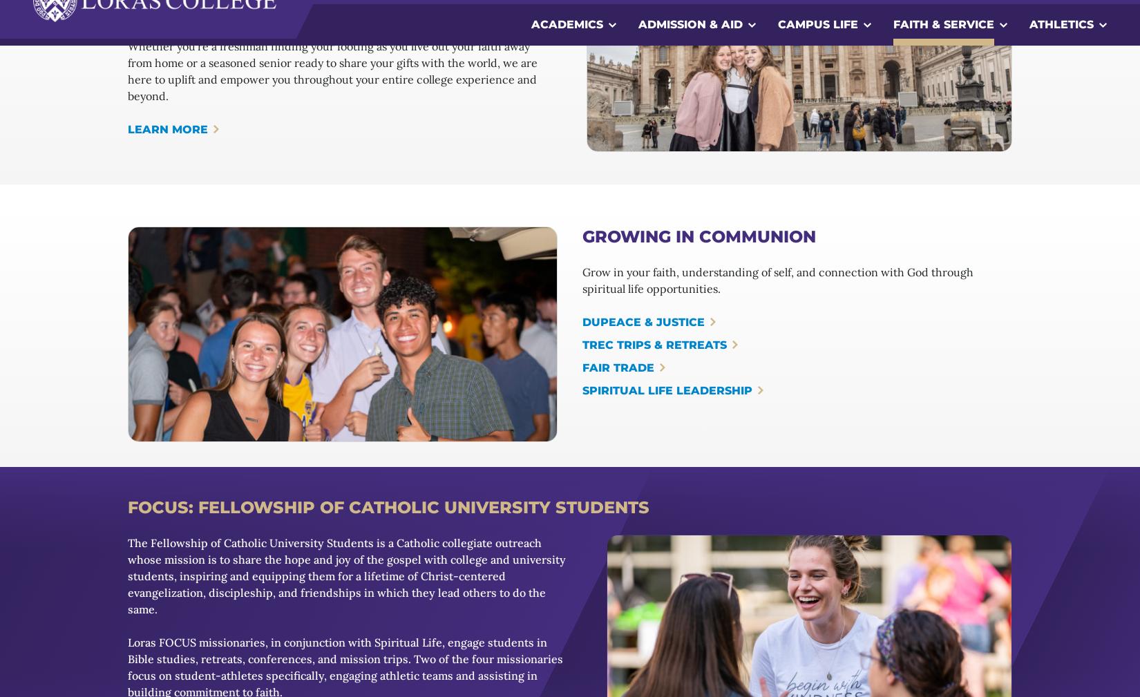 This screenshot has height=697, width=1140. Describe the element at coordinates (167, 628) in the screenshot. I see `'Give'` at that location.